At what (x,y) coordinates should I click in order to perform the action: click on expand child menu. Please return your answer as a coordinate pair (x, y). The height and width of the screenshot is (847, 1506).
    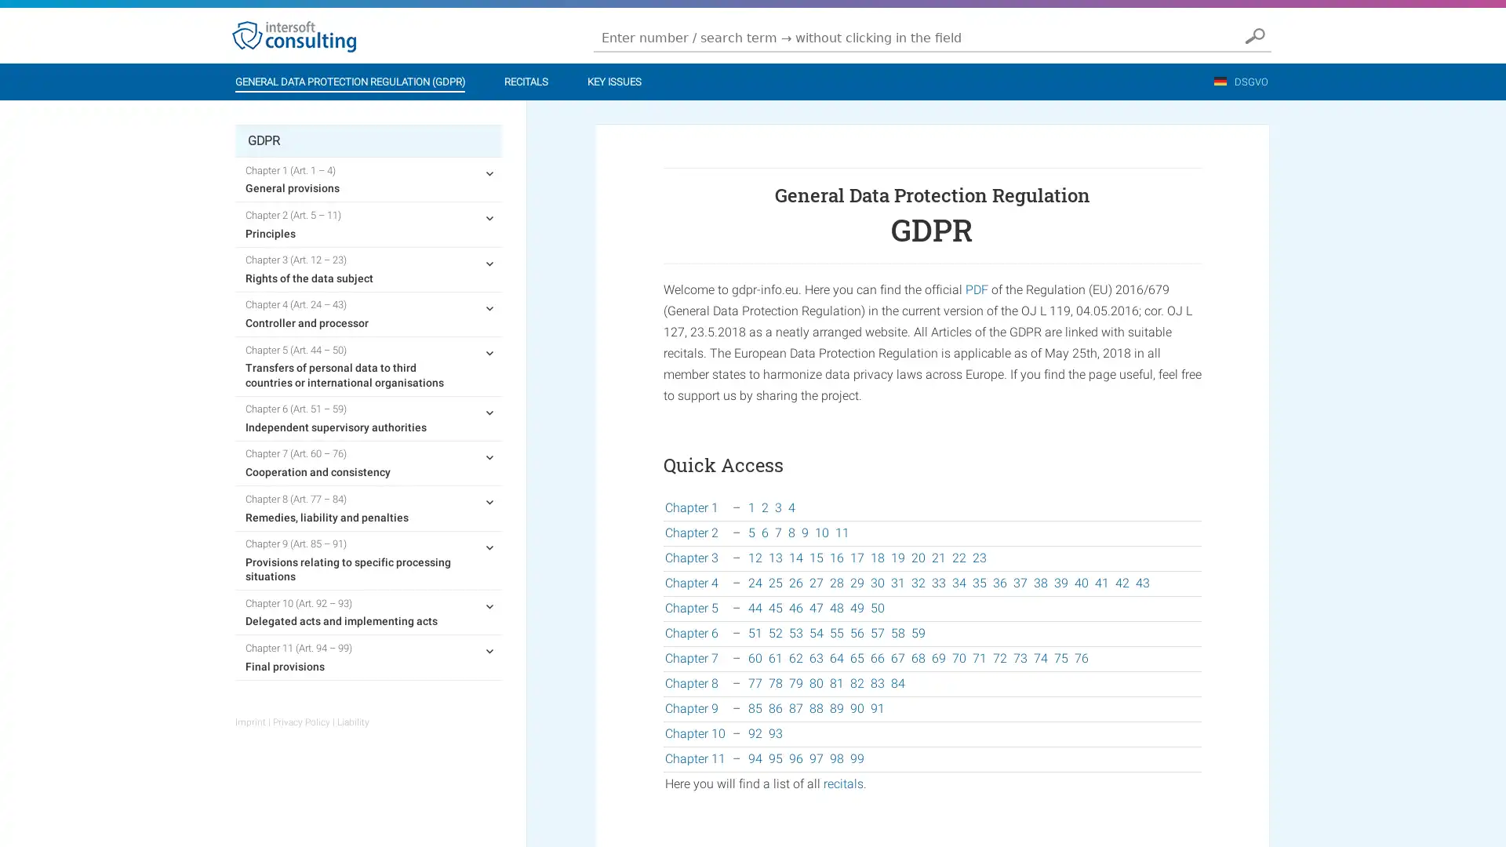
    Looking at the image, I should click on (489, 353).